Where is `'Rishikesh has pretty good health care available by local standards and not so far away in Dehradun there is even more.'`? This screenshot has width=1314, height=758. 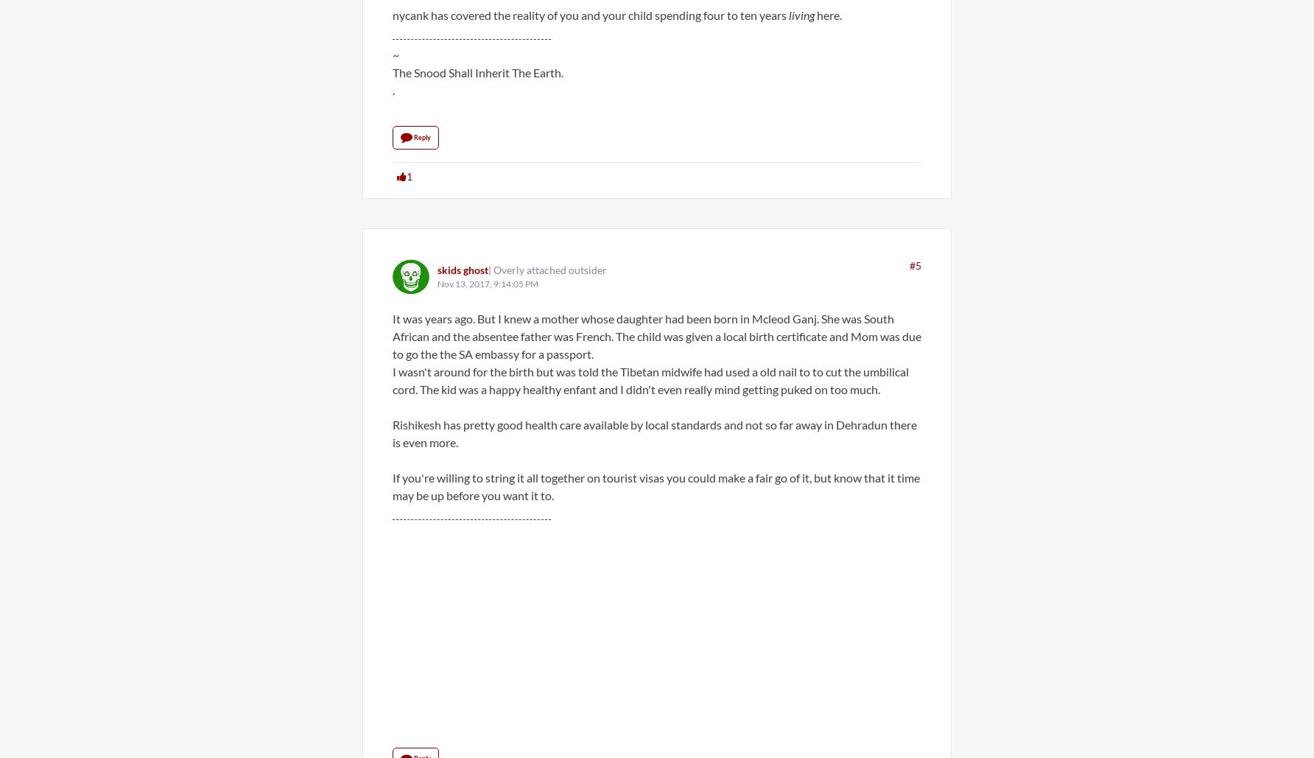
'Rishikesh has pretty good health care available by local standards and not so far away in Dehradun there is even more.' is located at coordinates (653, 432).